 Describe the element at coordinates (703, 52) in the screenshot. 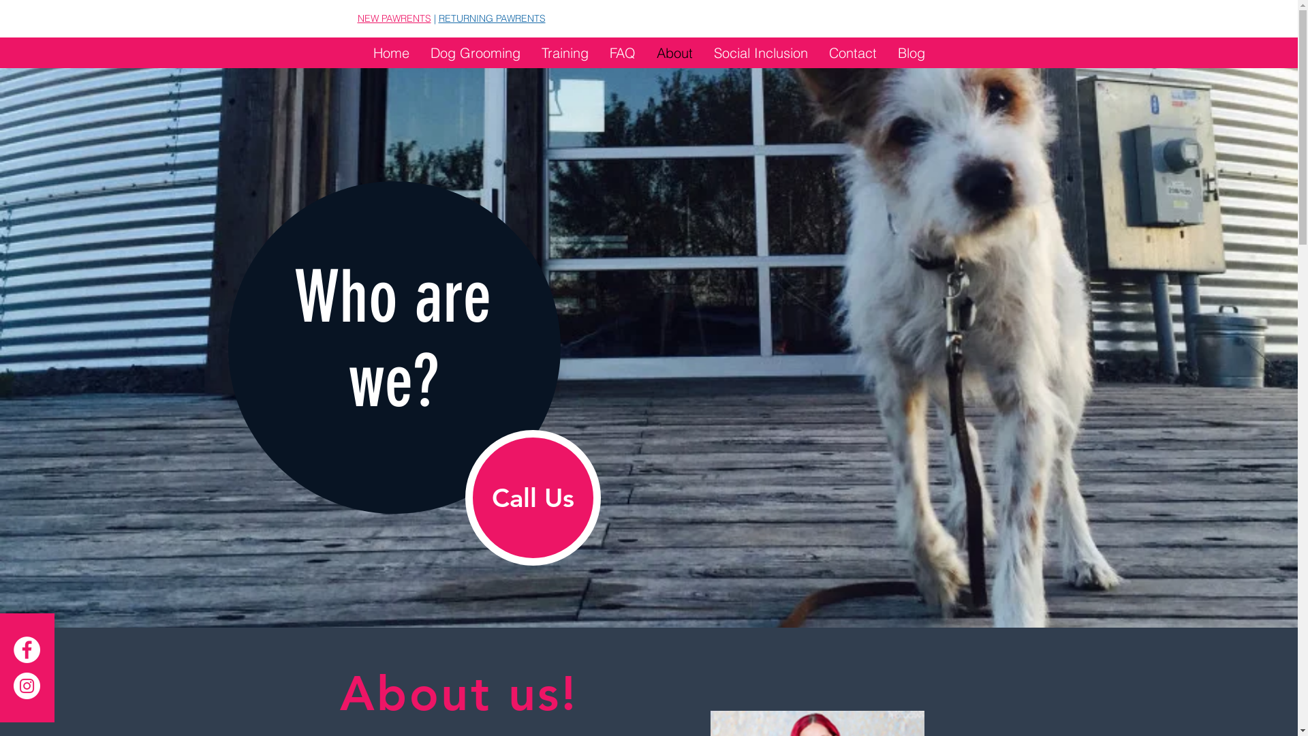

I see `'Social Inclusion'` at that location.